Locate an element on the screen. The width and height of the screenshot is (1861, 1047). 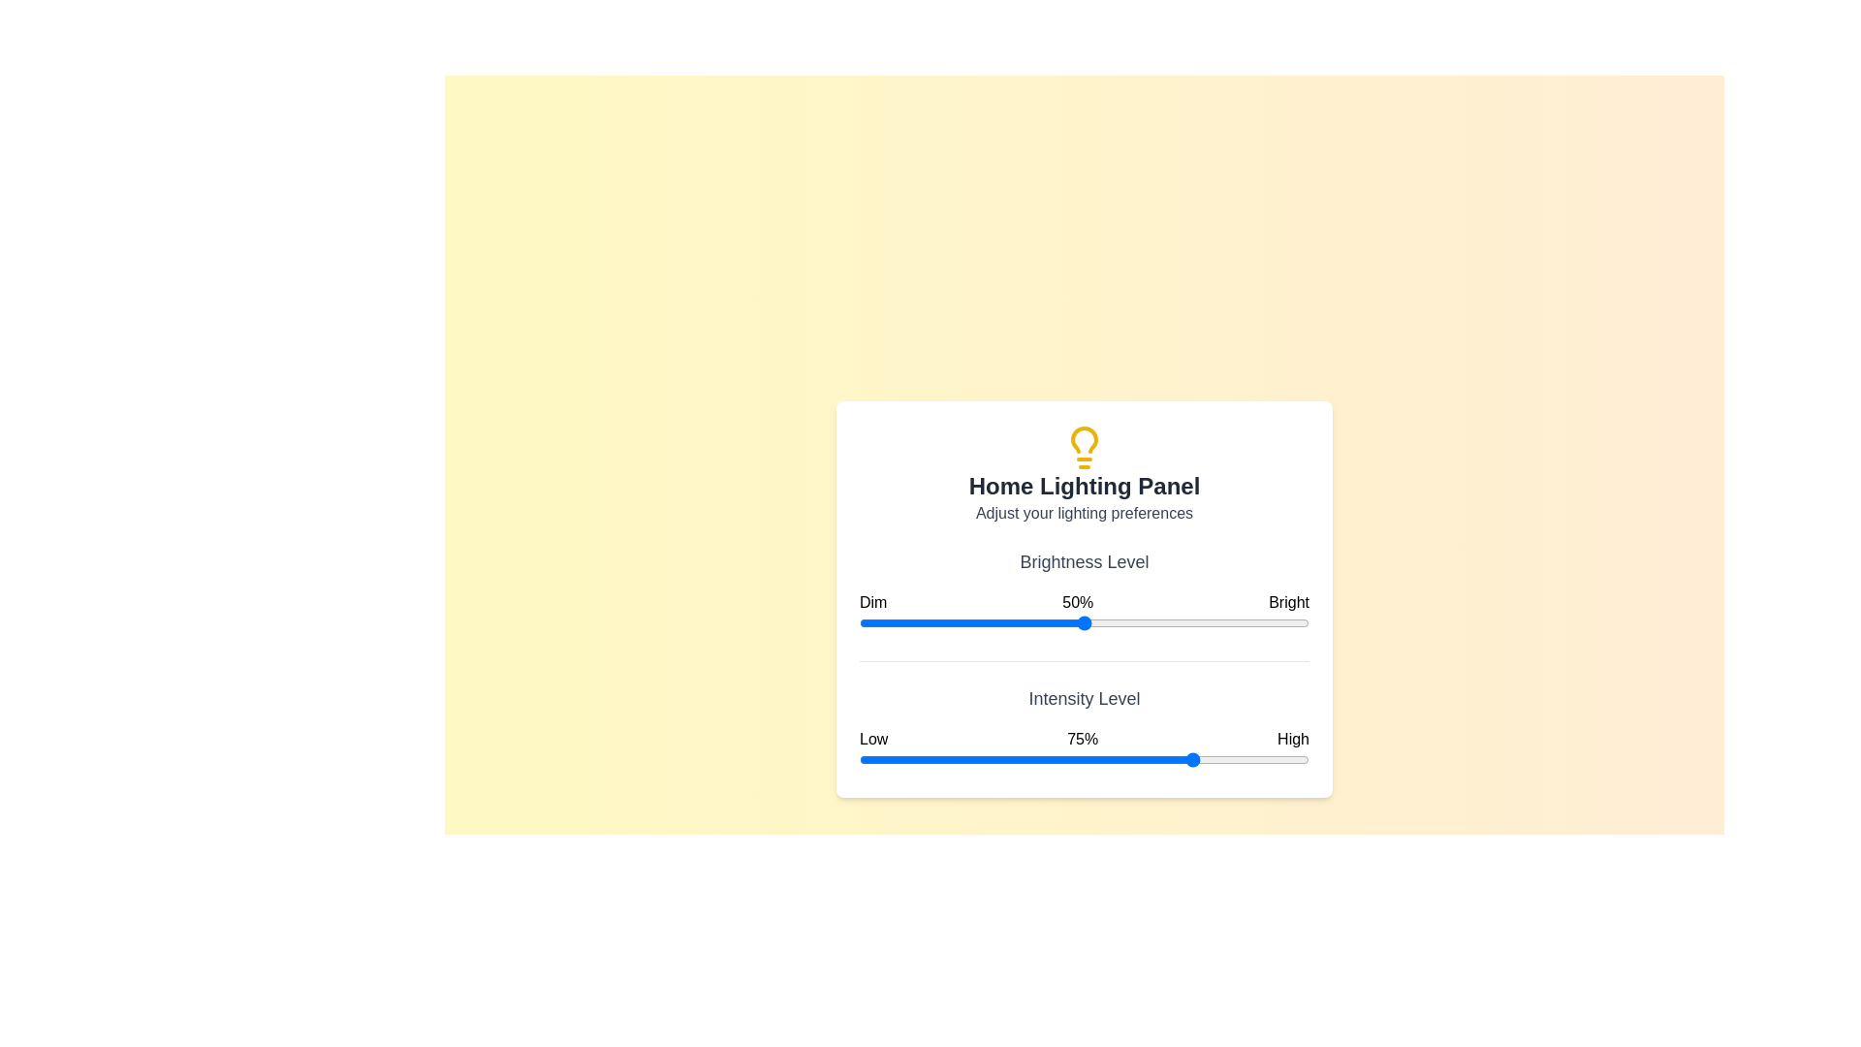
the static text label indicating the low end of the intensity scale for the slider bar underneath it, located at the far left of the group of three labels including 'Low', '75%', and 'High' is located at coordinates (872, 739).